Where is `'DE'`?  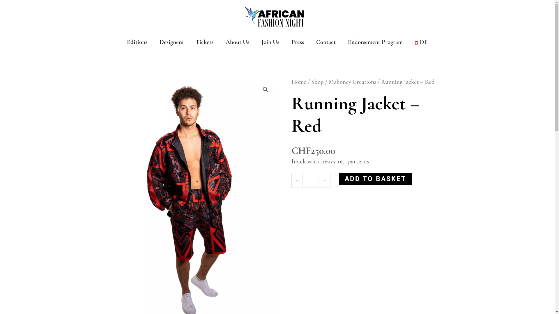 'DE' is located at coordinates (421, 42).